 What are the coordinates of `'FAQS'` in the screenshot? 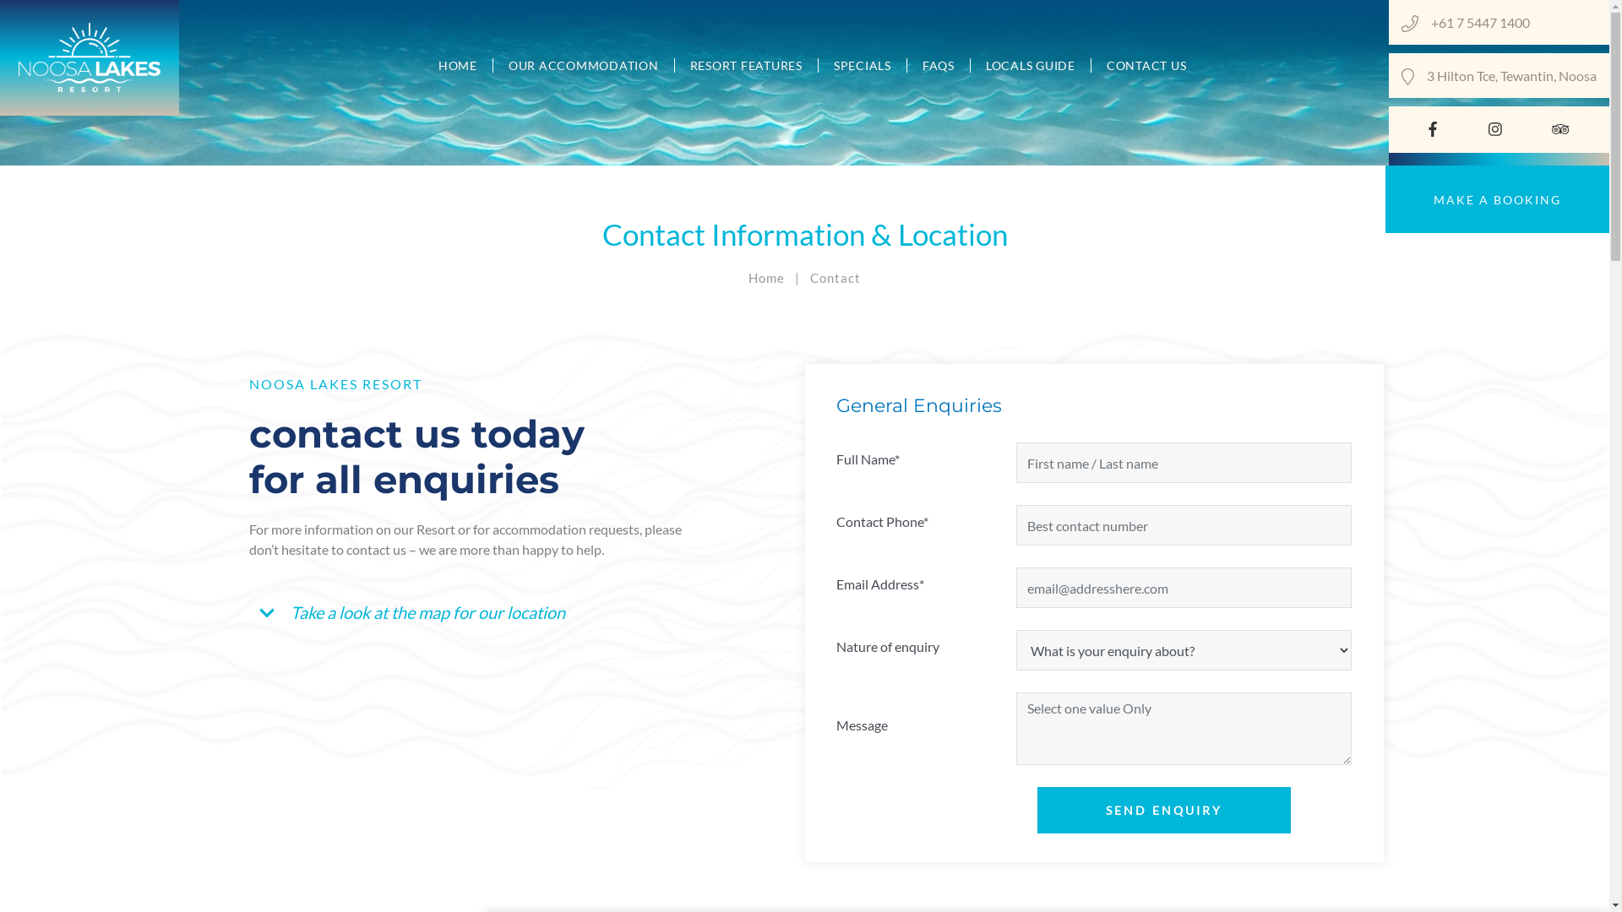 It's located at (938, 64).